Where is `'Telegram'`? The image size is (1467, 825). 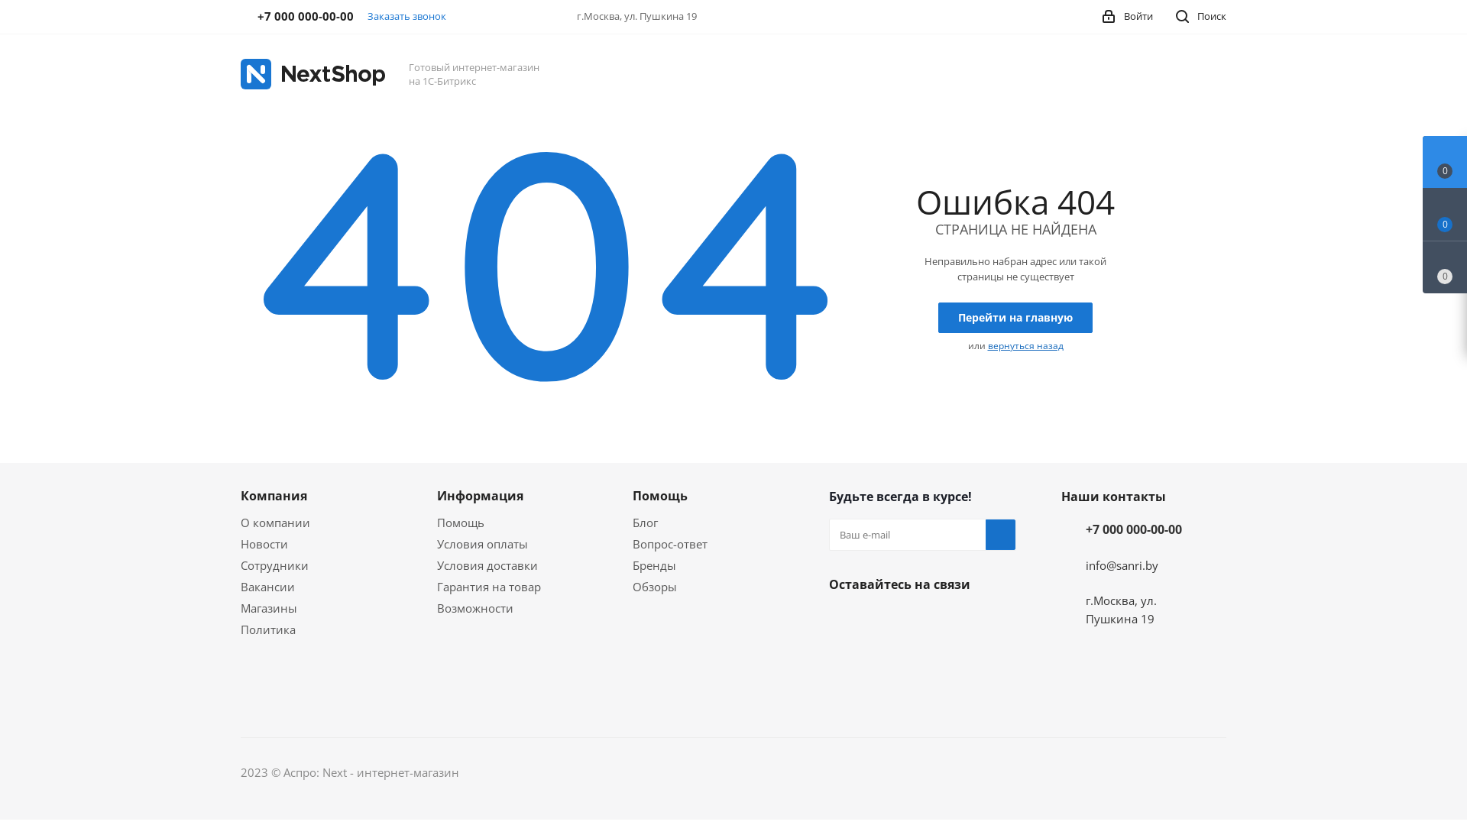
'Telegram' is located at coordinates (843, 657).